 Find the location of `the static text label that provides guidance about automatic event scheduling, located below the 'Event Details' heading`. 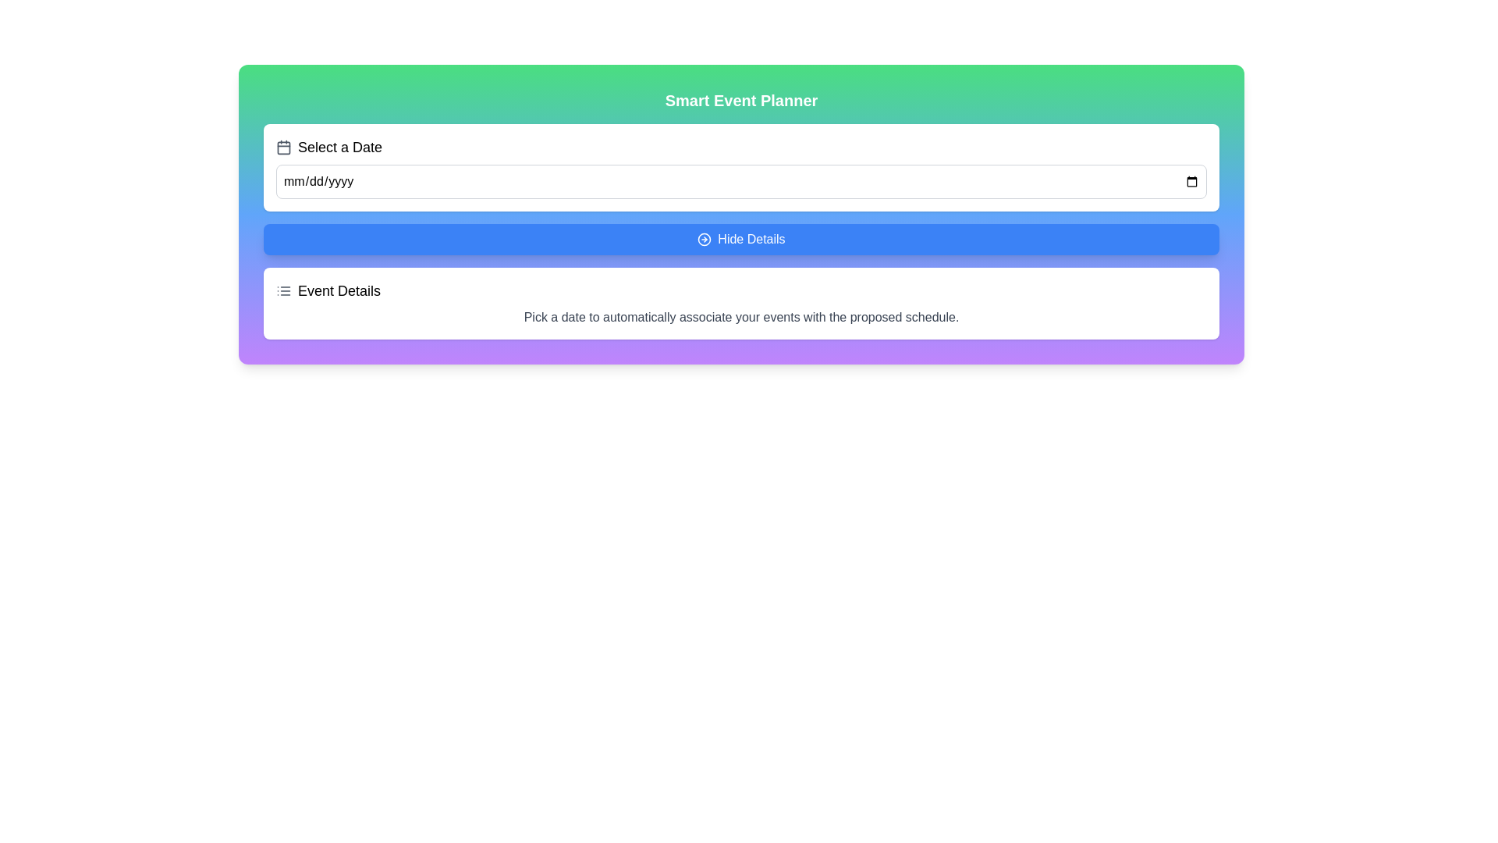

the static text label that provides guidance about automatic event scheduling, located below the 'Event Details' heading is located at coordinates (740, 317).